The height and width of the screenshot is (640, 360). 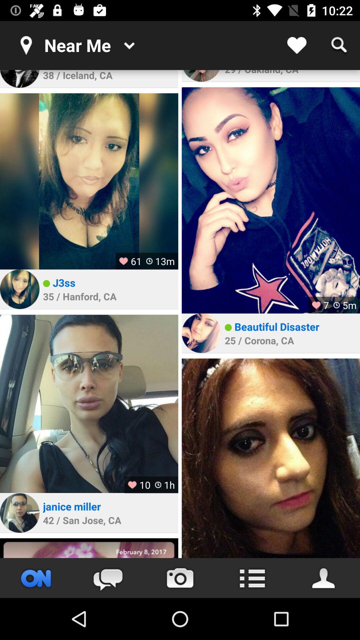 I want to click on image, so click(x=271, y=200).